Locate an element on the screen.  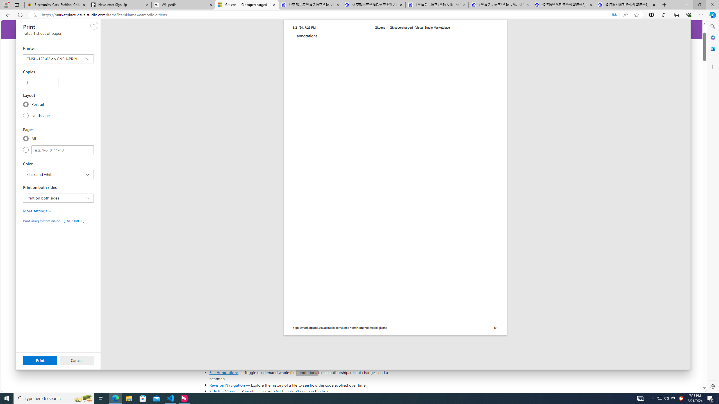
'Copies' is located at coordinates (40, 82).